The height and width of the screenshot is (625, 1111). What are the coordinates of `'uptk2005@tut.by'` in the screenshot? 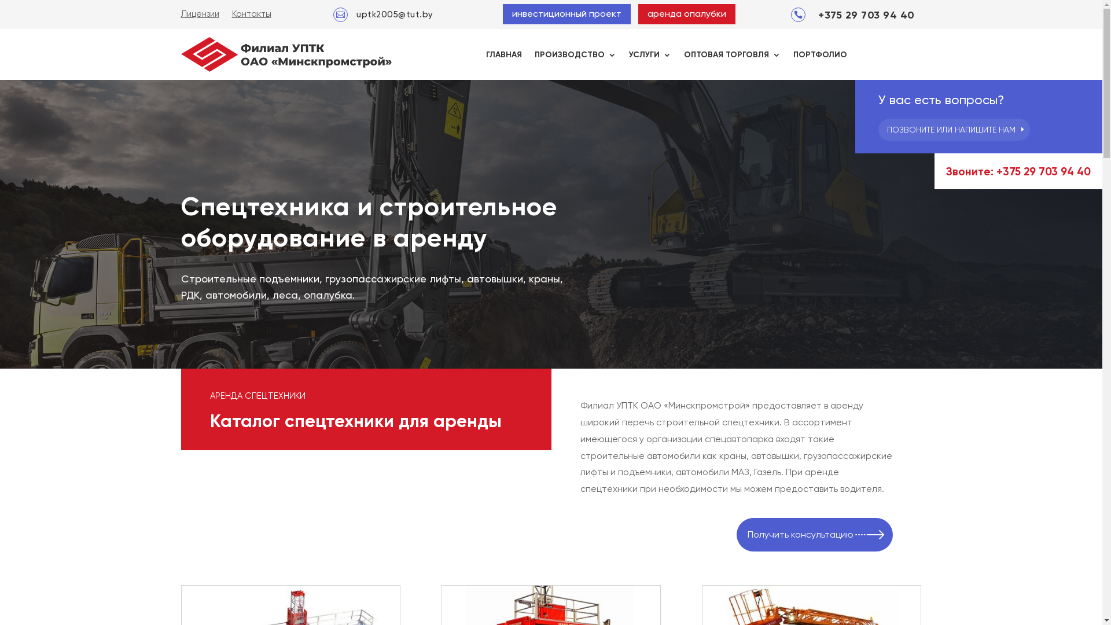 It's located at (395, 14).